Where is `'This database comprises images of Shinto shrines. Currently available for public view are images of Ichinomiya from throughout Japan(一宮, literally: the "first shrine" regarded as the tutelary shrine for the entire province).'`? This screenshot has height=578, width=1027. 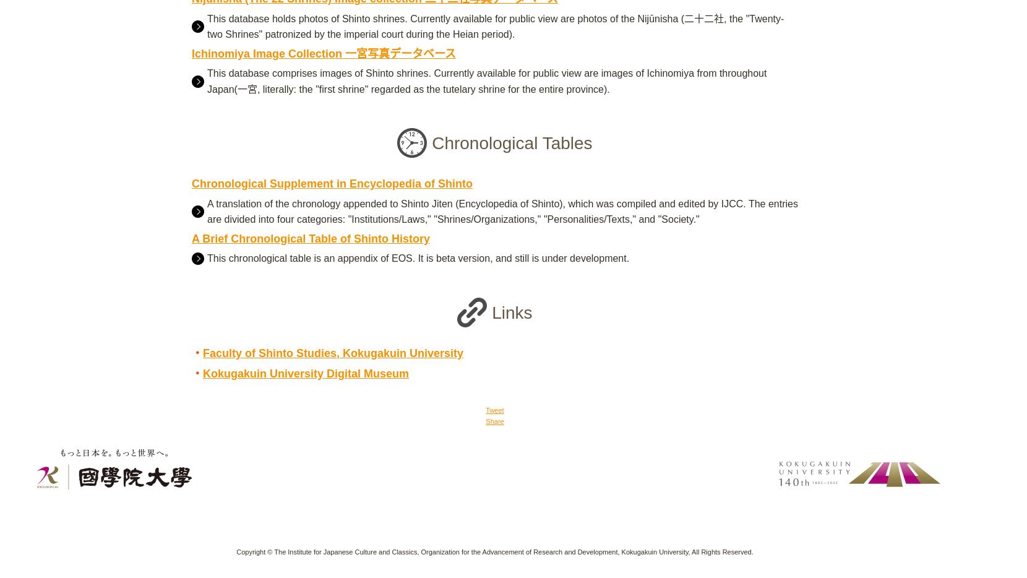 'This database comprises images of Shinto shrines. Currently available for public view are images of Ichinomiya from throughout Japan(一宮, literally: the "first shrine" regarded as the tutelary shrine for the entire province).' is located at coordinates (207, 80).